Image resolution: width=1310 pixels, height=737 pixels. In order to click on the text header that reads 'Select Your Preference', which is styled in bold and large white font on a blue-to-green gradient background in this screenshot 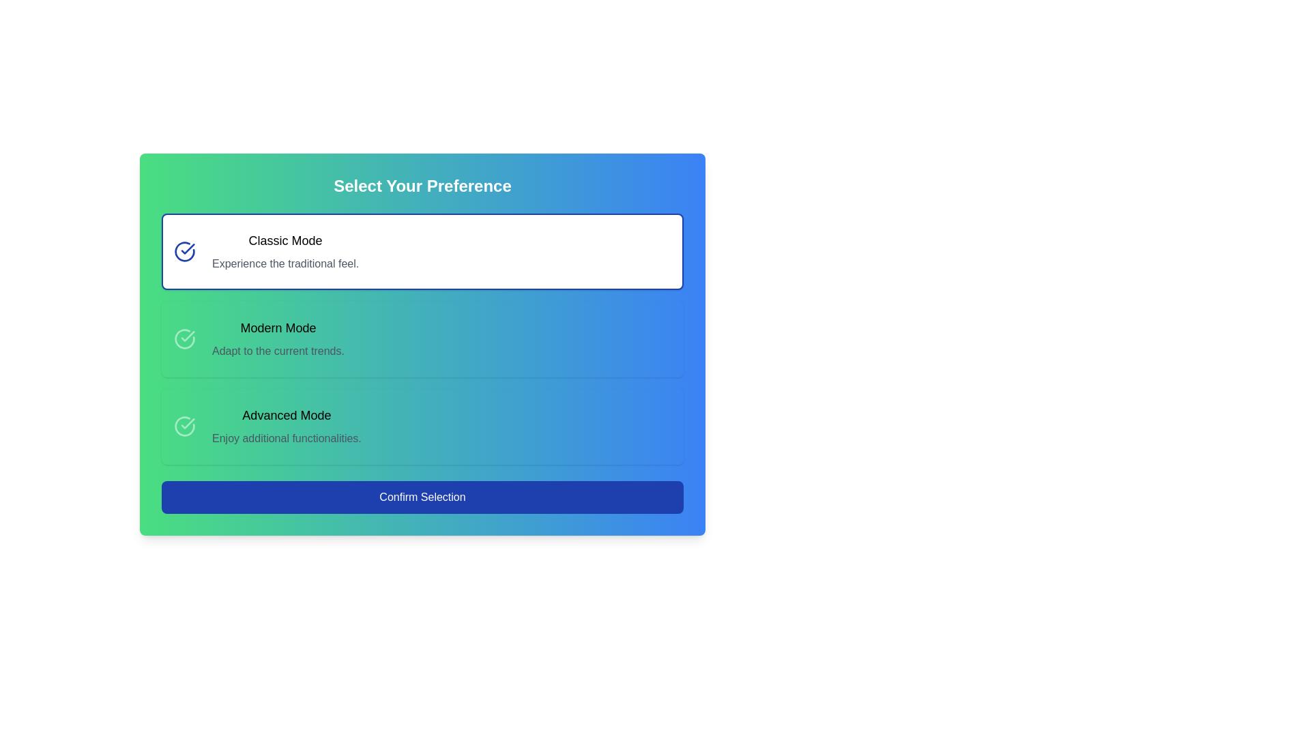, I will do `click(422, 186)`.